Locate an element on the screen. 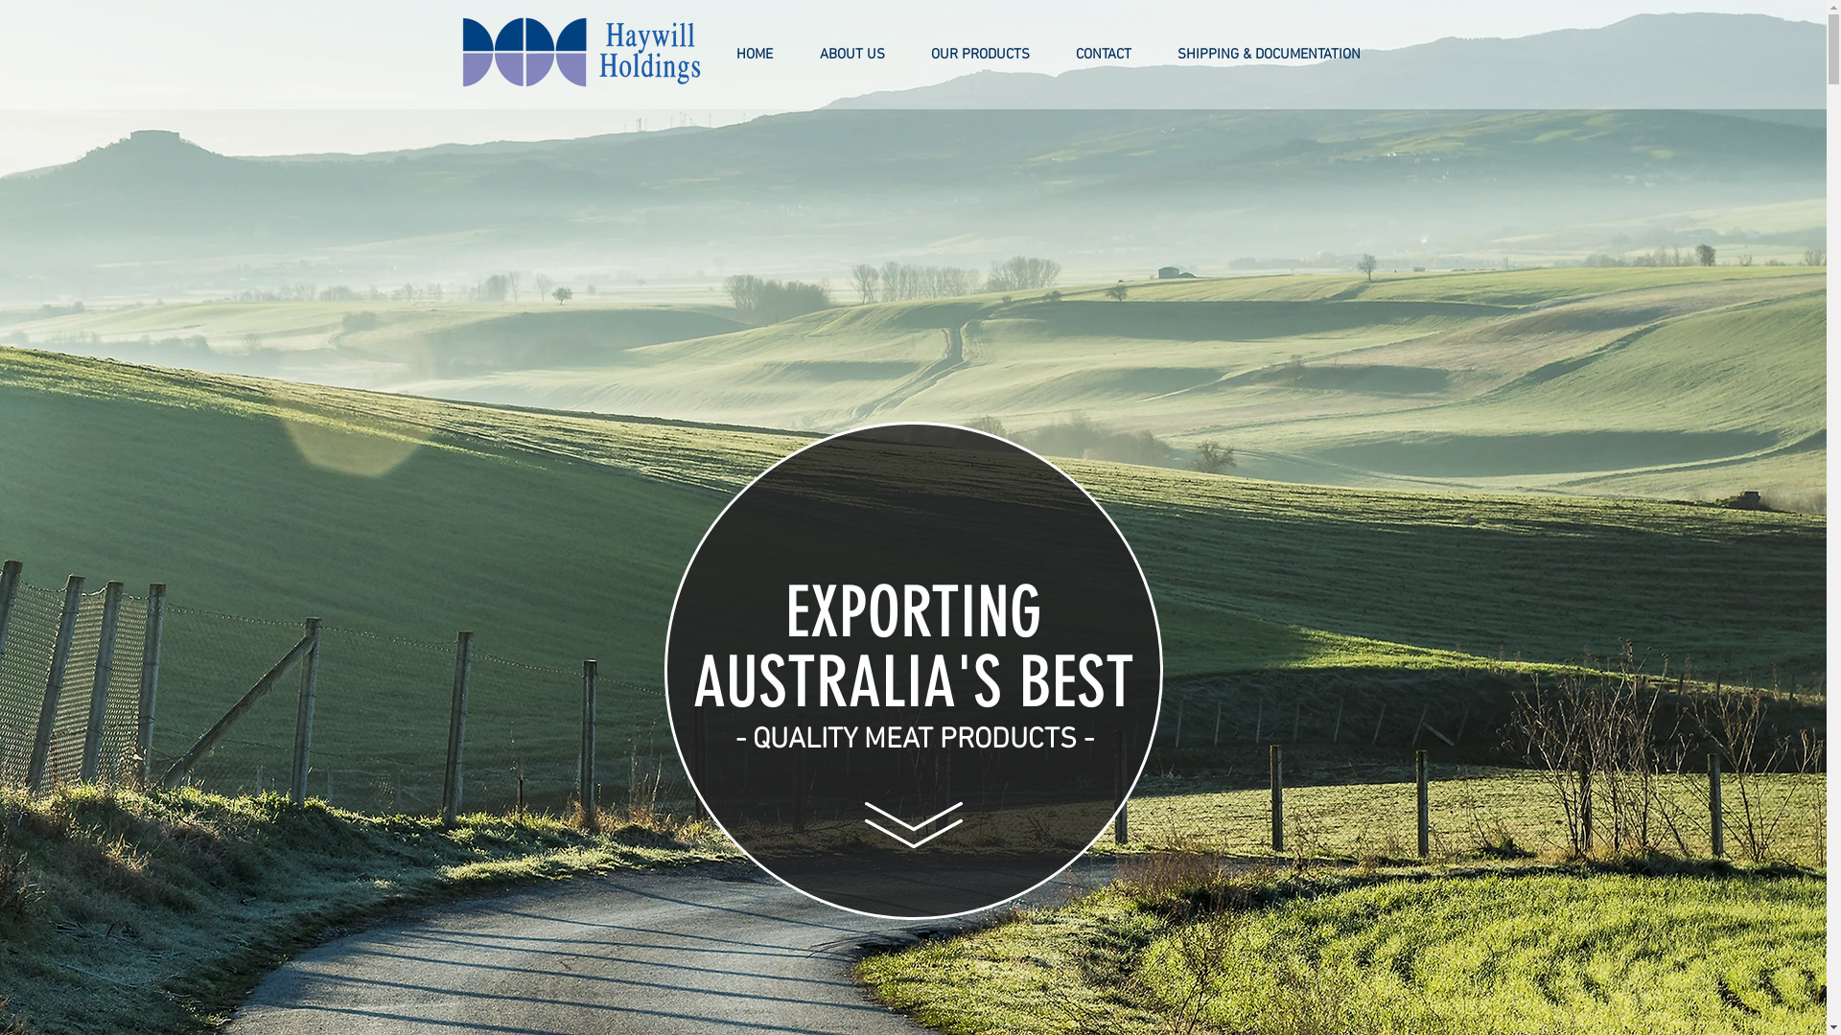 The image size is (1841, 1035). 'OUR PRODUCTS' is located at coordinates (979, 54).